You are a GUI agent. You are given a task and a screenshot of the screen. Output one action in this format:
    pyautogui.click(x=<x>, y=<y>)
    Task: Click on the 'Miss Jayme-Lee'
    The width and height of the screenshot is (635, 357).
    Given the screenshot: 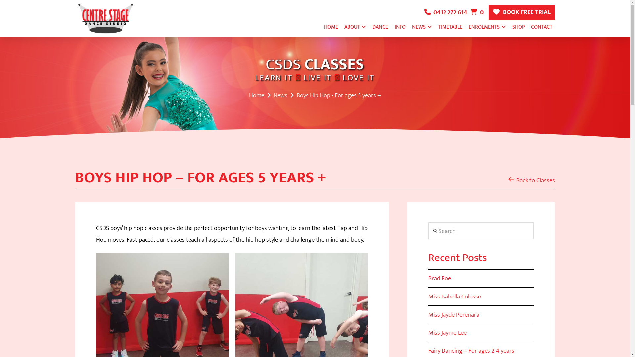 What is the action you would take?
    pyautogui.click(x=447, y=333)
    